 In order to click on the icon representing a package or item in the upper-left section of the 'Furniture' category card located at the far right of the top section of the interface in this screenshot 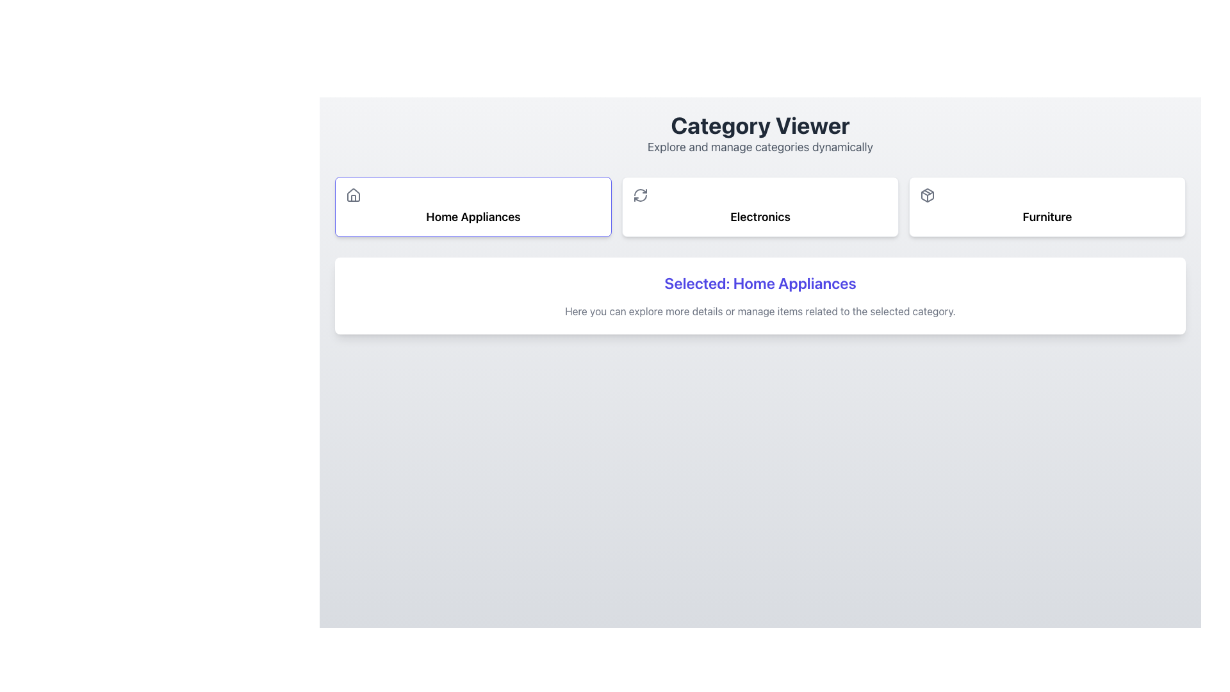, I will do `click(928, 195)`.